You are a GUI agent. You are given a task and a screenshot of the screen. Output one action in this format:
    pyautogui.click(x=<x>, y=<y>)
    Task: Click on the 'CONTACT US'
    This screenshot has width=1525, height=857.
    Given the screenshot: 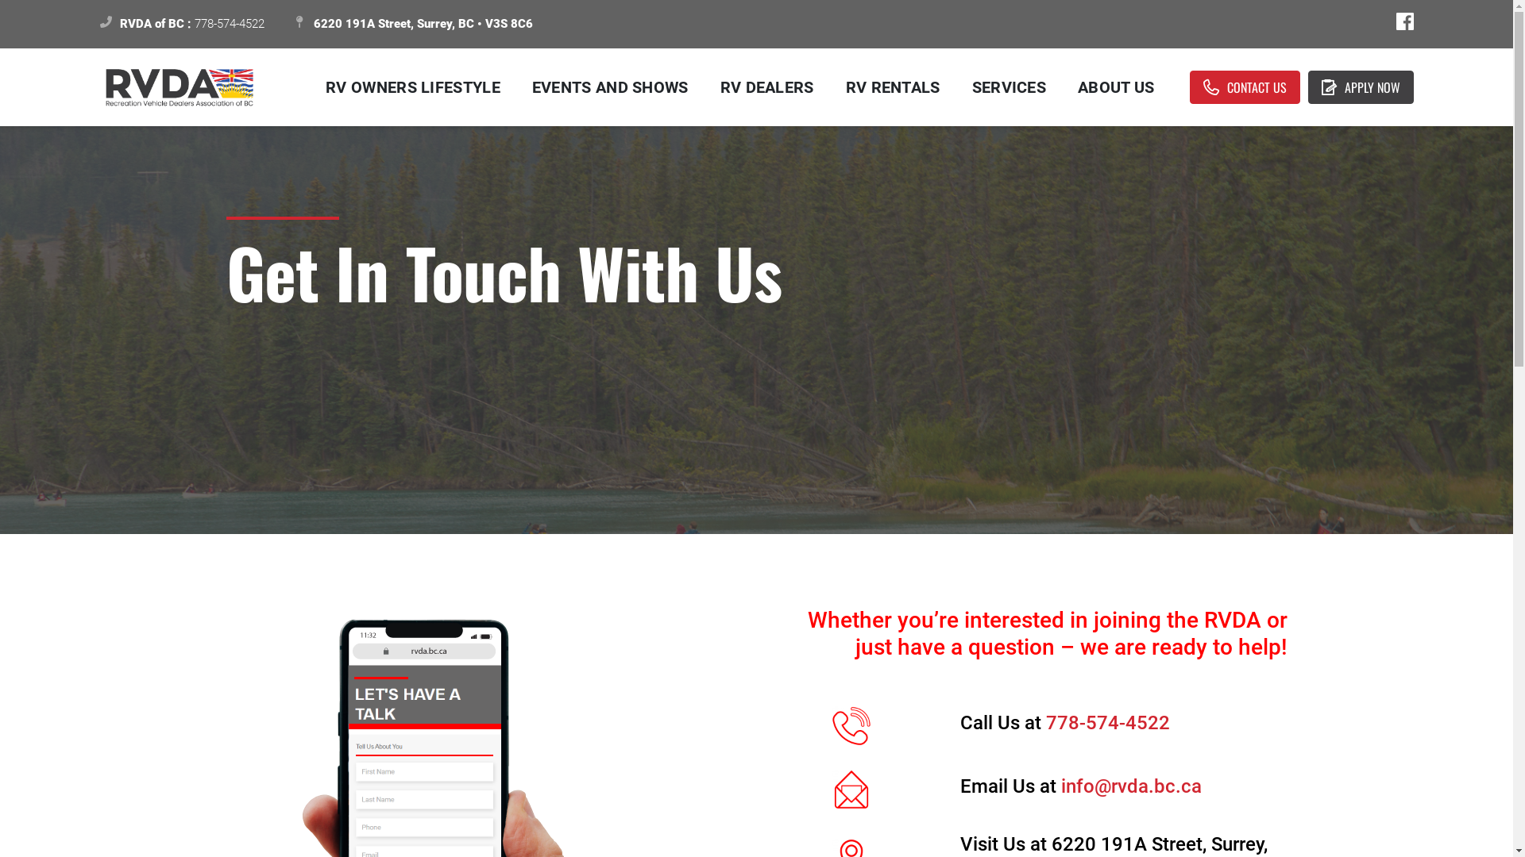 What is the action you would take?
    pyautogui.click(x=1244, y=87)
    